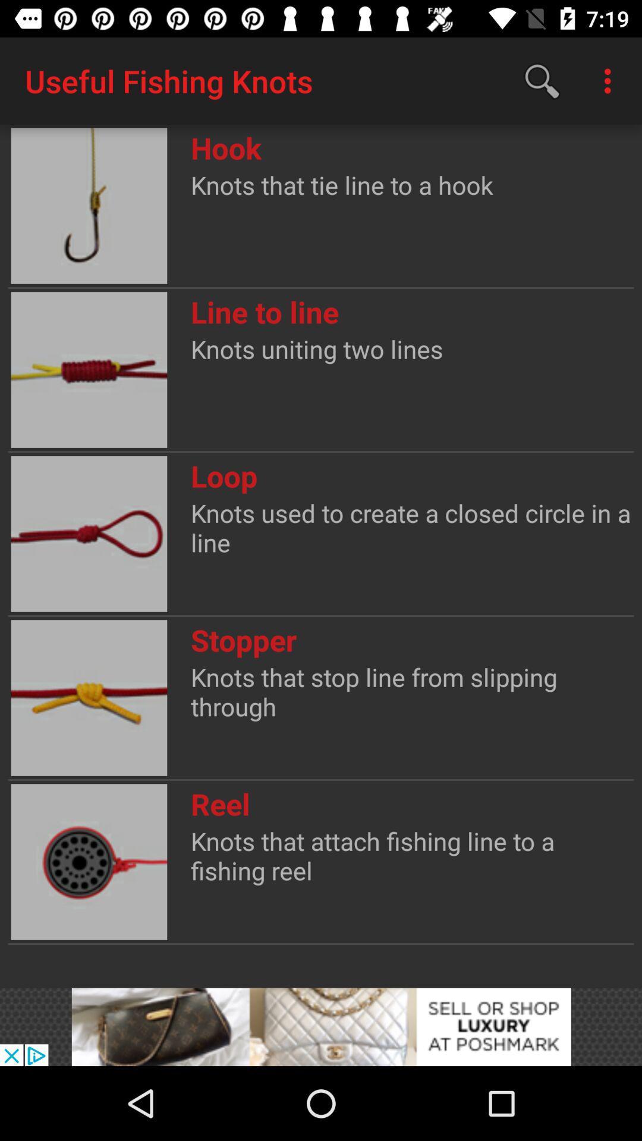  Describe the element at coordinates (321, 1026) in the screenshot. I see `advertisement link` at that location.